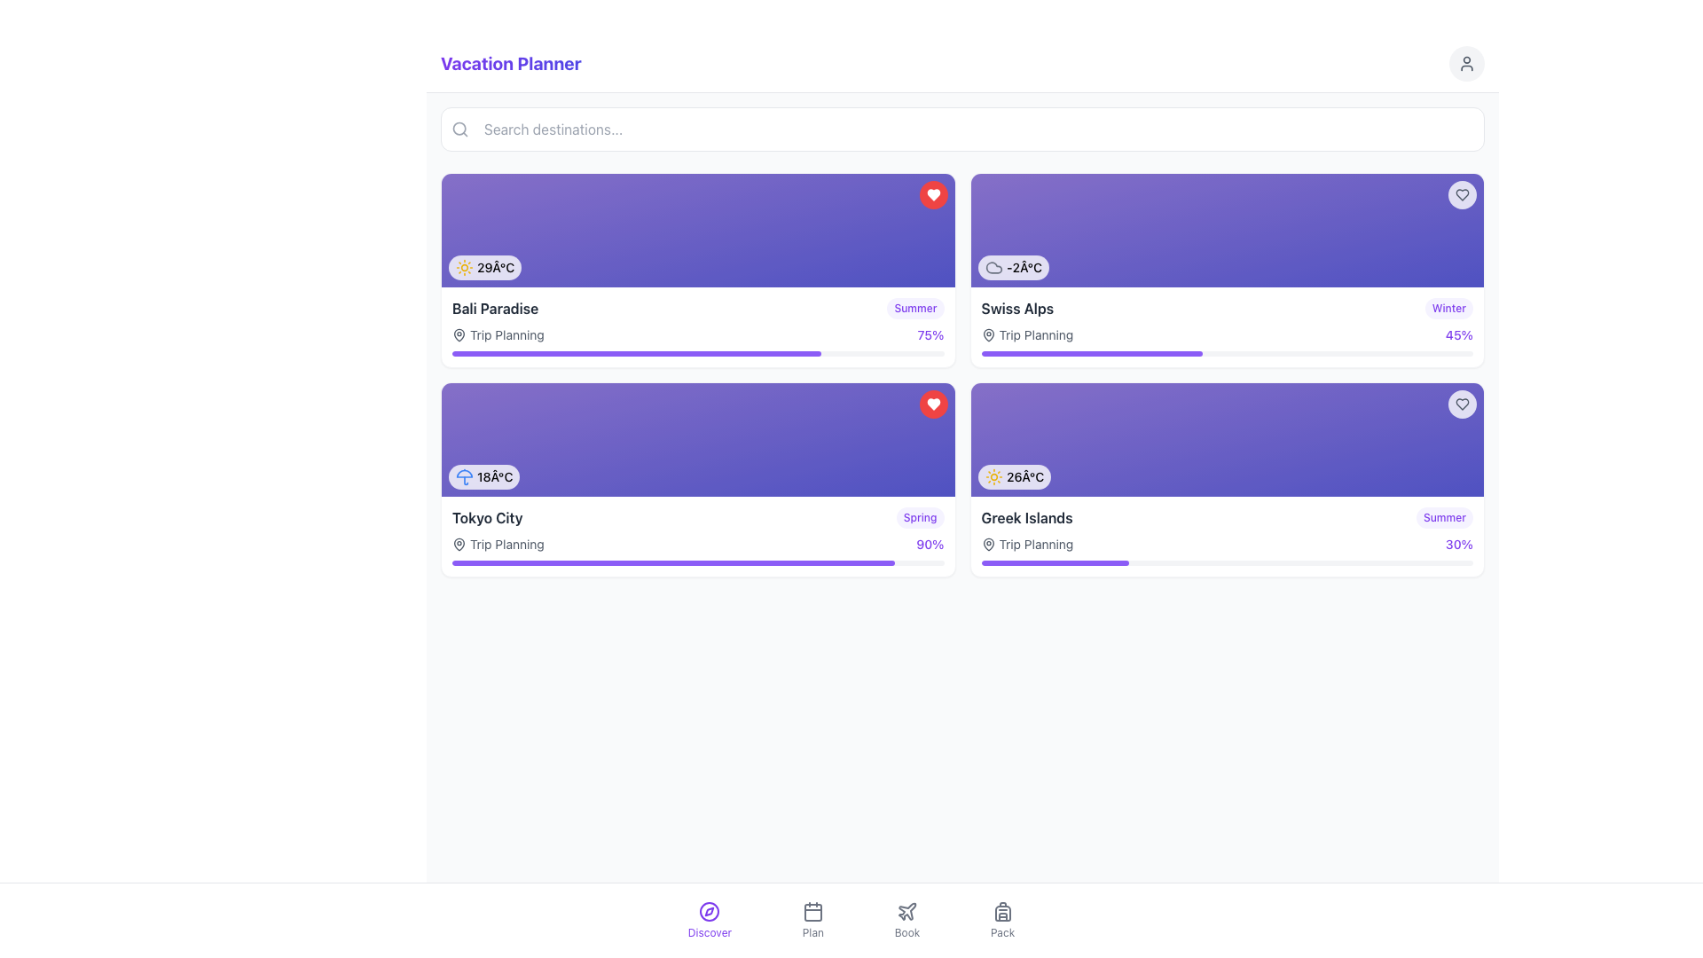 The height and width of the screenshot is (958, 1703). I want to click on the heart icon in the top-right corner of the 'Greek Islands' card to mark or unmark it as a favorite, so click(1463, 404).